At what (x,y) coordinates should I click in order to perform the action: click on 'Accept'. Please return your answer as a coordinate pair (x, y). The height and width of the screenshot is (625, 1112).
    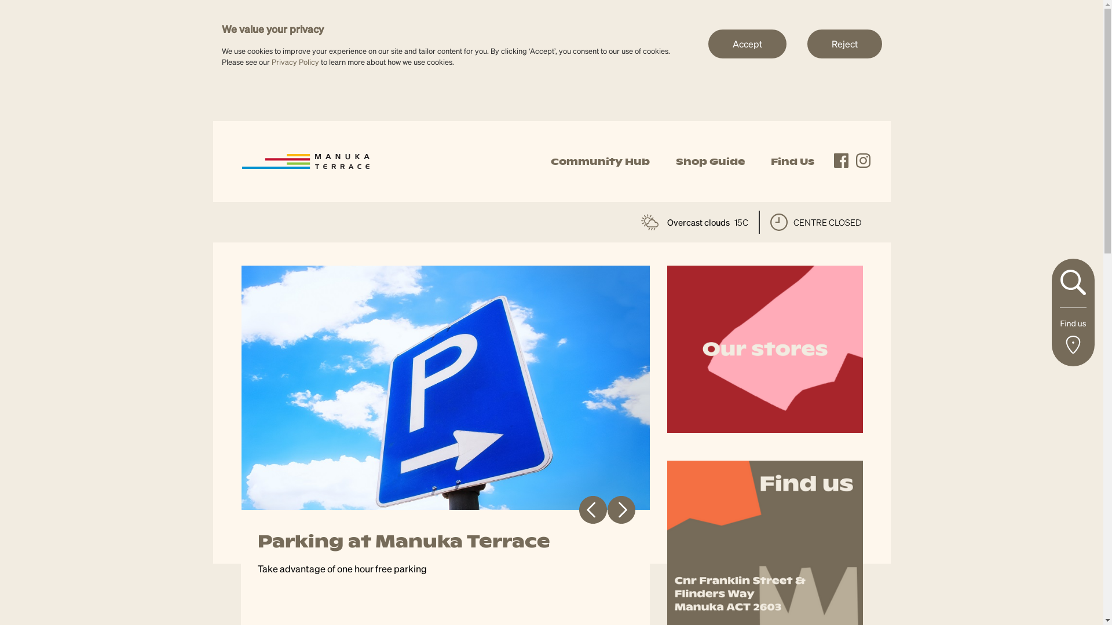
    Looking at the image, I should click on (747, 42).